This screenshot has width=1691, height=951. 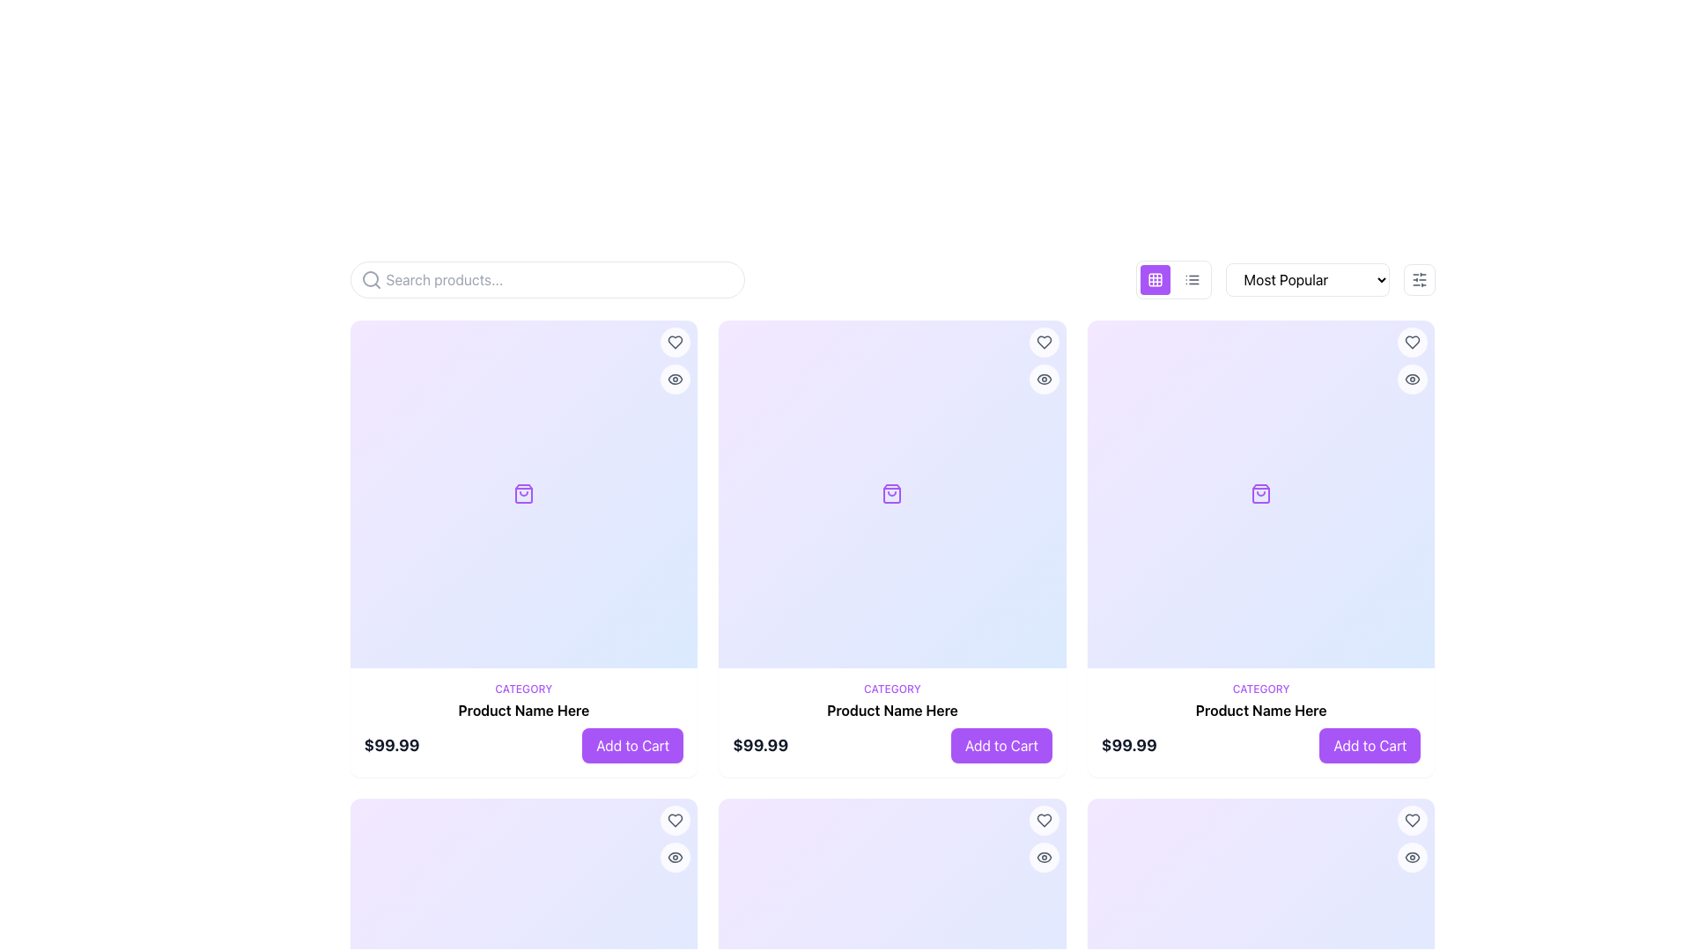 What do you see at coordinates (1001, 745) in the screenshot?
I see `the 'Add to Cart' button, which is a rectangular button with rounded corners and a solid purple background, located beneath the product card in the pricing section` at bounding box center [1001, 745].